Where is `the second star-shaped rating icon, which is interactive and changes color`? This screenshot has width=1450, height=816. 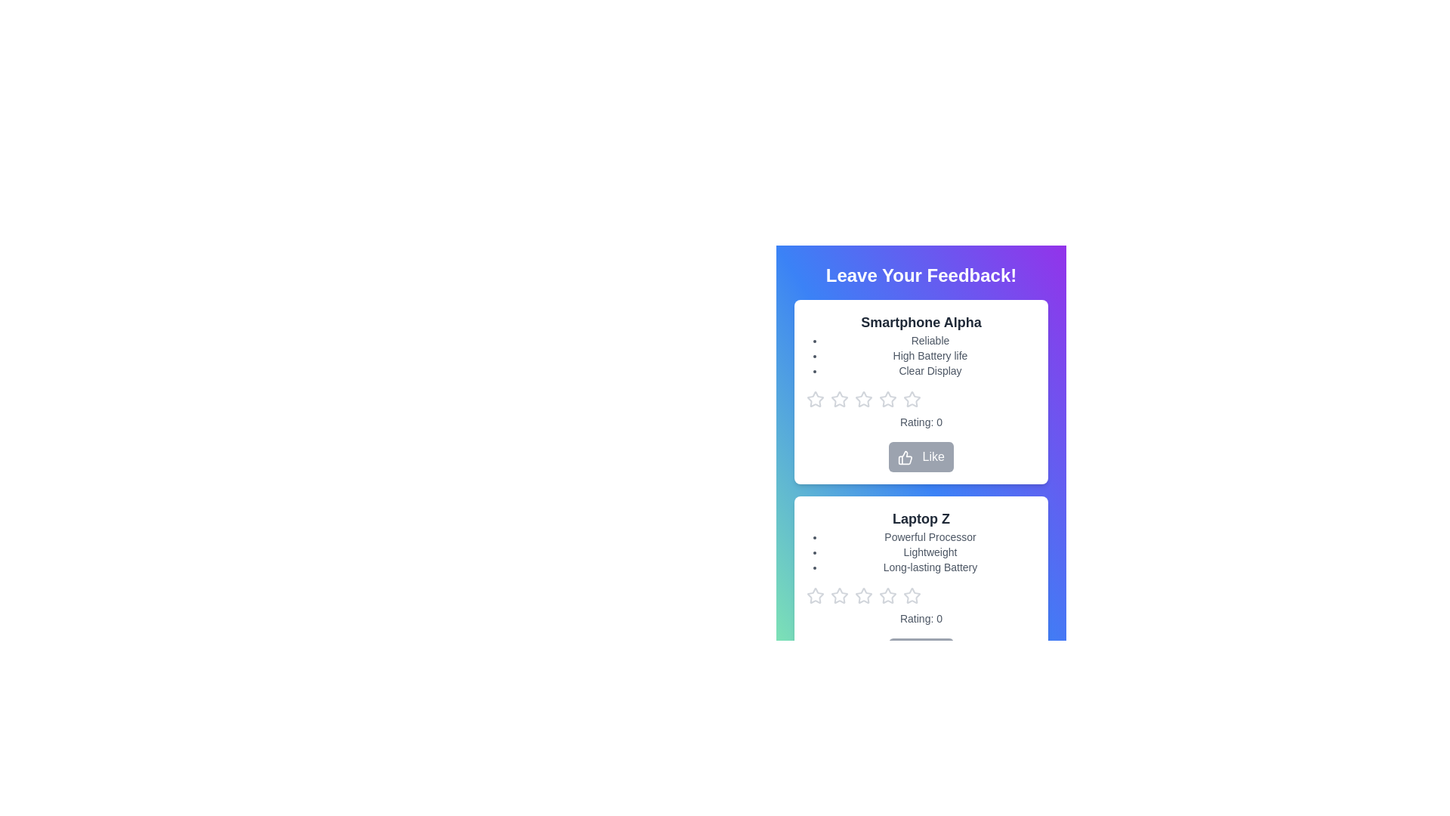 the second star-shaped rating icon, which is interactive and changes color is located at coordinates (863, 595).